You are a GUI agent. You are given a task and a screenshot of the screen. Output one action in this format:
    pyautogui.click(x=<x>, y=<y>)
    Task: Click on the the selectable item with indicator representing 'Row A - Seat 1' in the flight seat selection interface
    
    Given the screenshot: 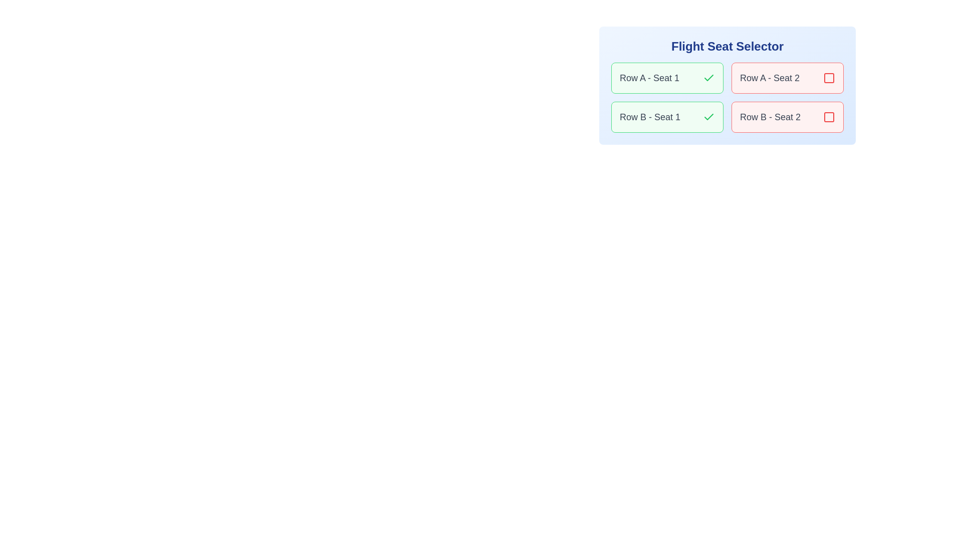 What is the action you would take?
    pyautogui.click(x=667, y=77)
    